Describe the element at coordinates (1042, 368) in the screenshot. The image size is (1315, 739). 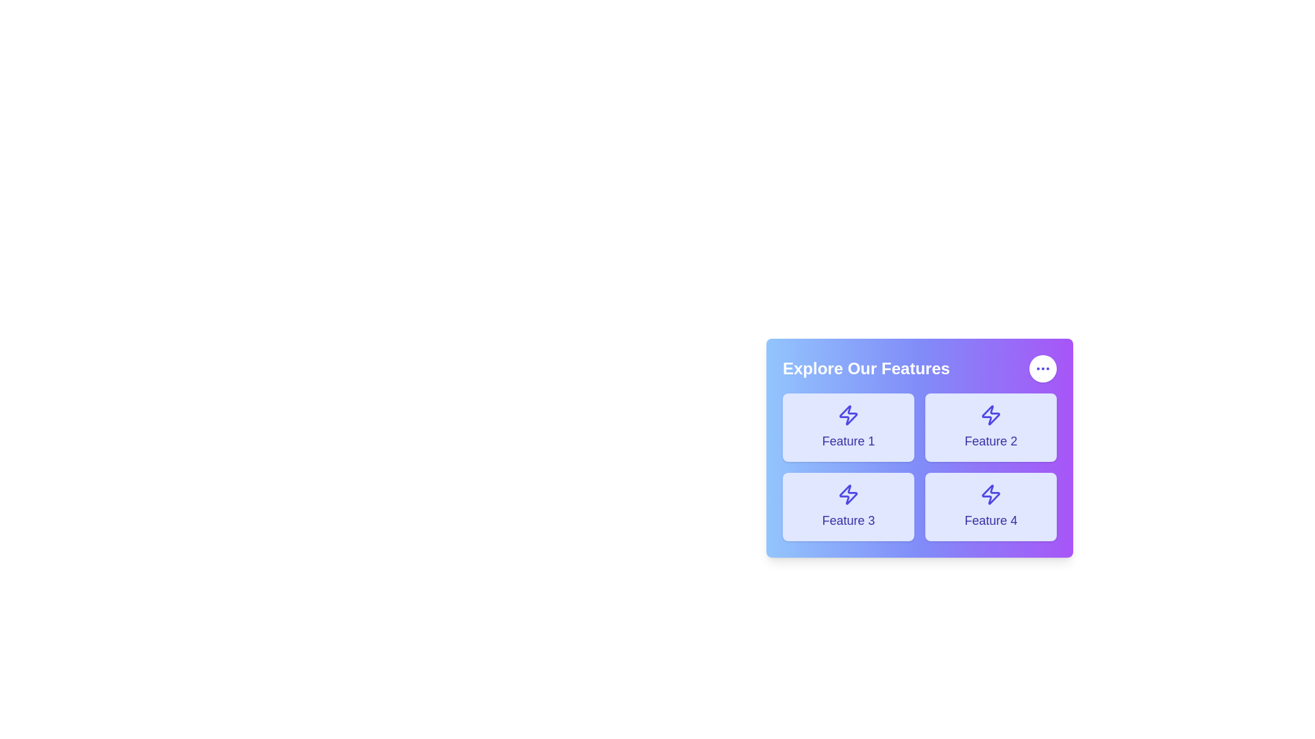
I see `the overflow menu icon, represented by a horizontal ellipsis, located at the bottom-right corner of the 'Explore Our Features' card` at that location.